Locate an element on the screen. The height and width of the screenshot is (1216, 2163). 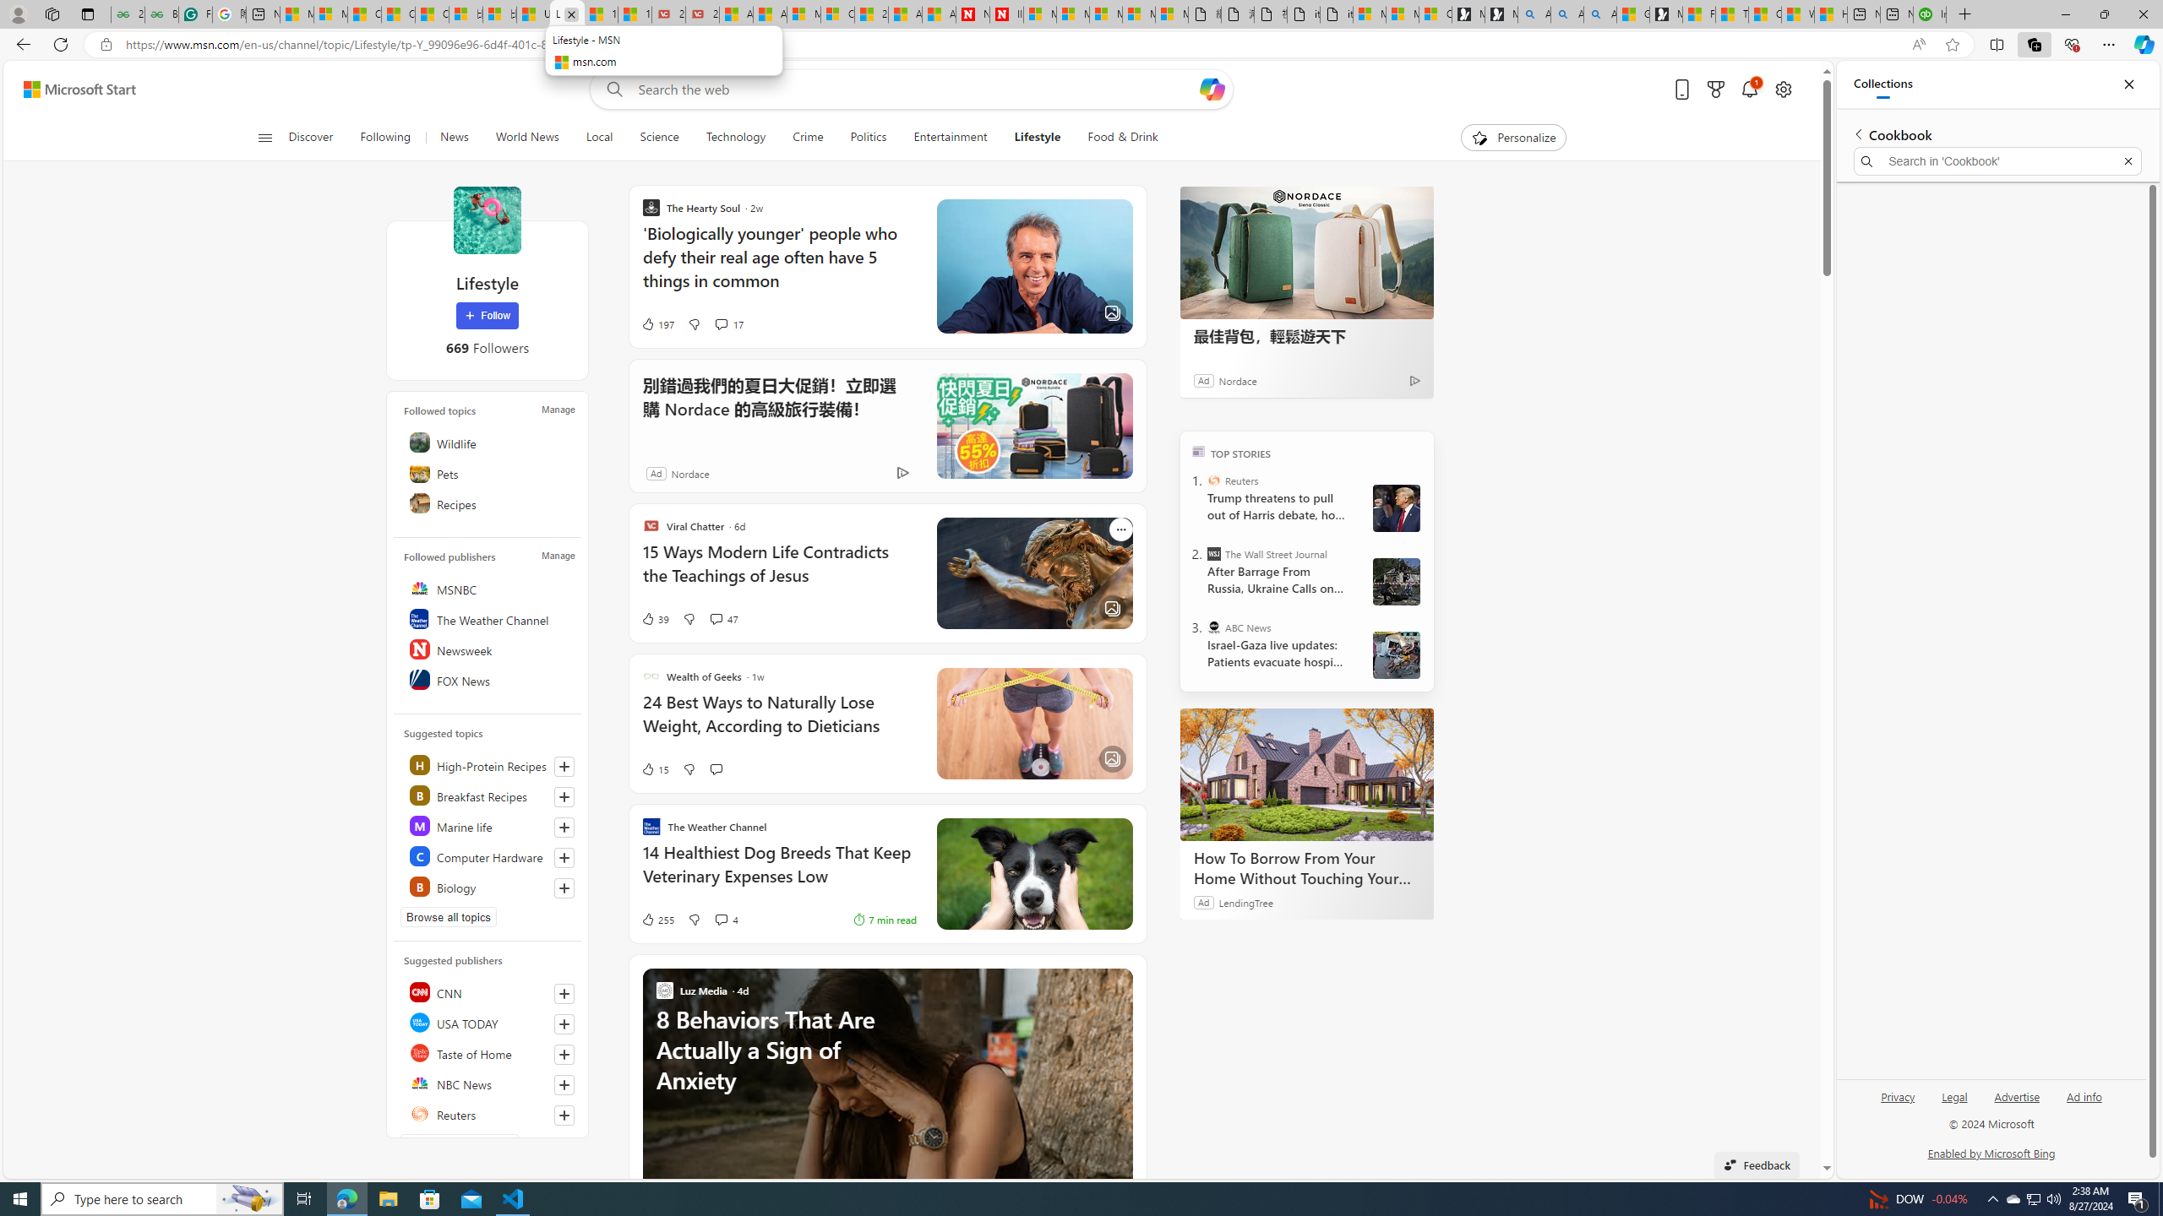
'Best SSL Certificates Provider in India - GeeksforGeeks' is located at coordinates (161, 14).